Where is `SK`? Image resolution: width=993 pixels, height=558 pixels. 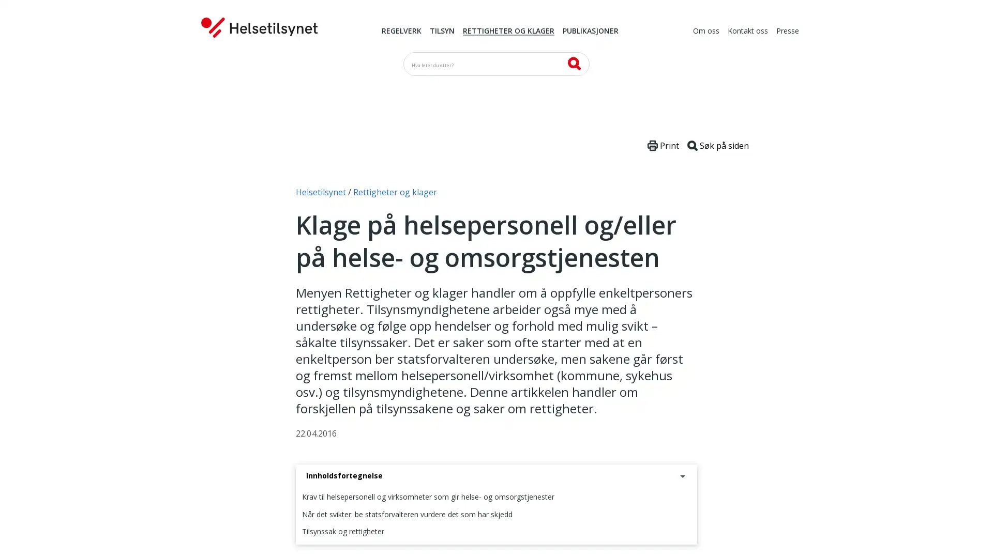 SK is located at coordinates (573, 63).